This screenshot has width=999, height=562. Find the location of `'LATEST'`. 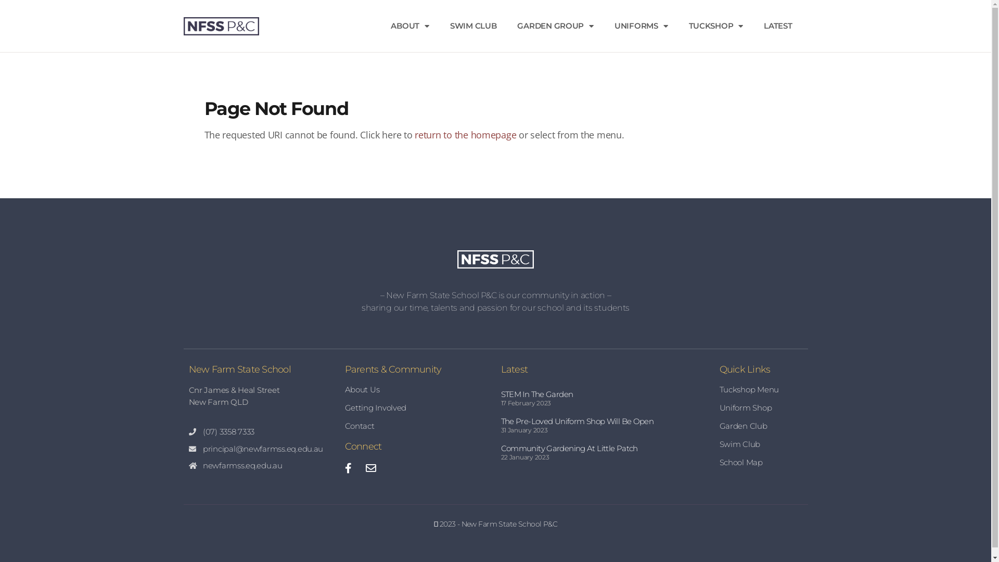

'LATEST' is located at coordinates (777, 25).